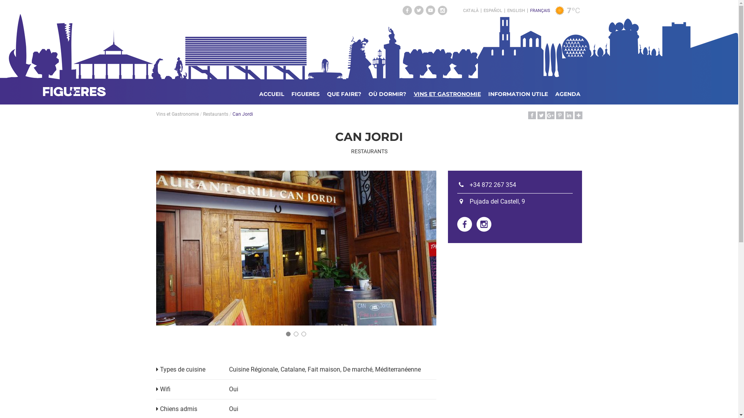 The image size is (744, 418). What do you see at coordinates (303, 334) in the screenshot?
I see `'3'` at bounding box center [303, 334].